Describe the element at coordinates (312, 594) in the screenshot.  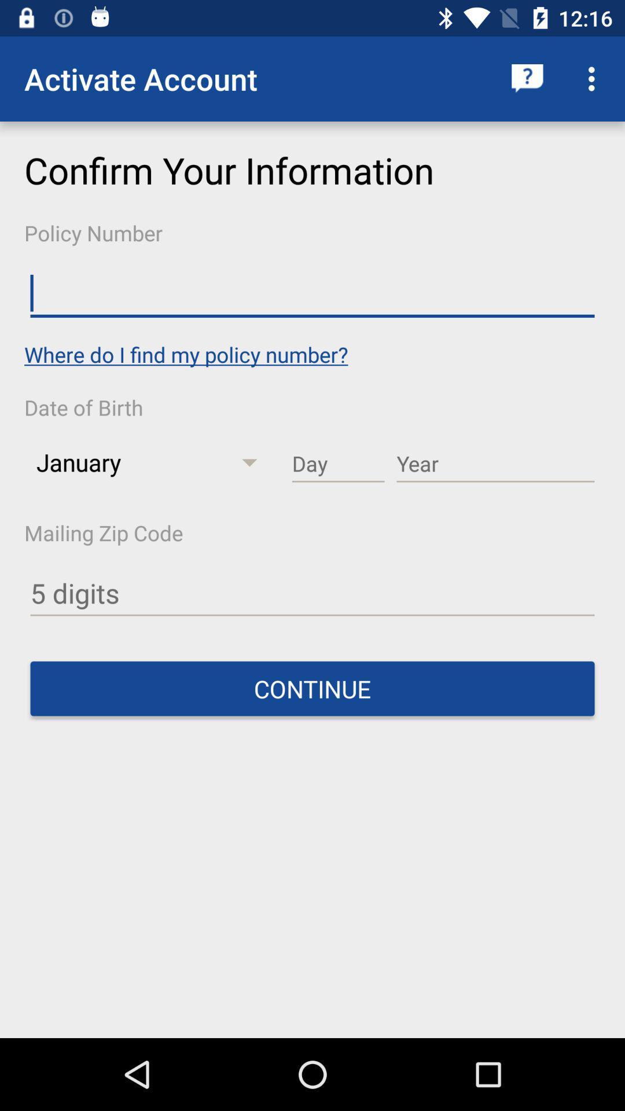
I see `zipcode` at that location.